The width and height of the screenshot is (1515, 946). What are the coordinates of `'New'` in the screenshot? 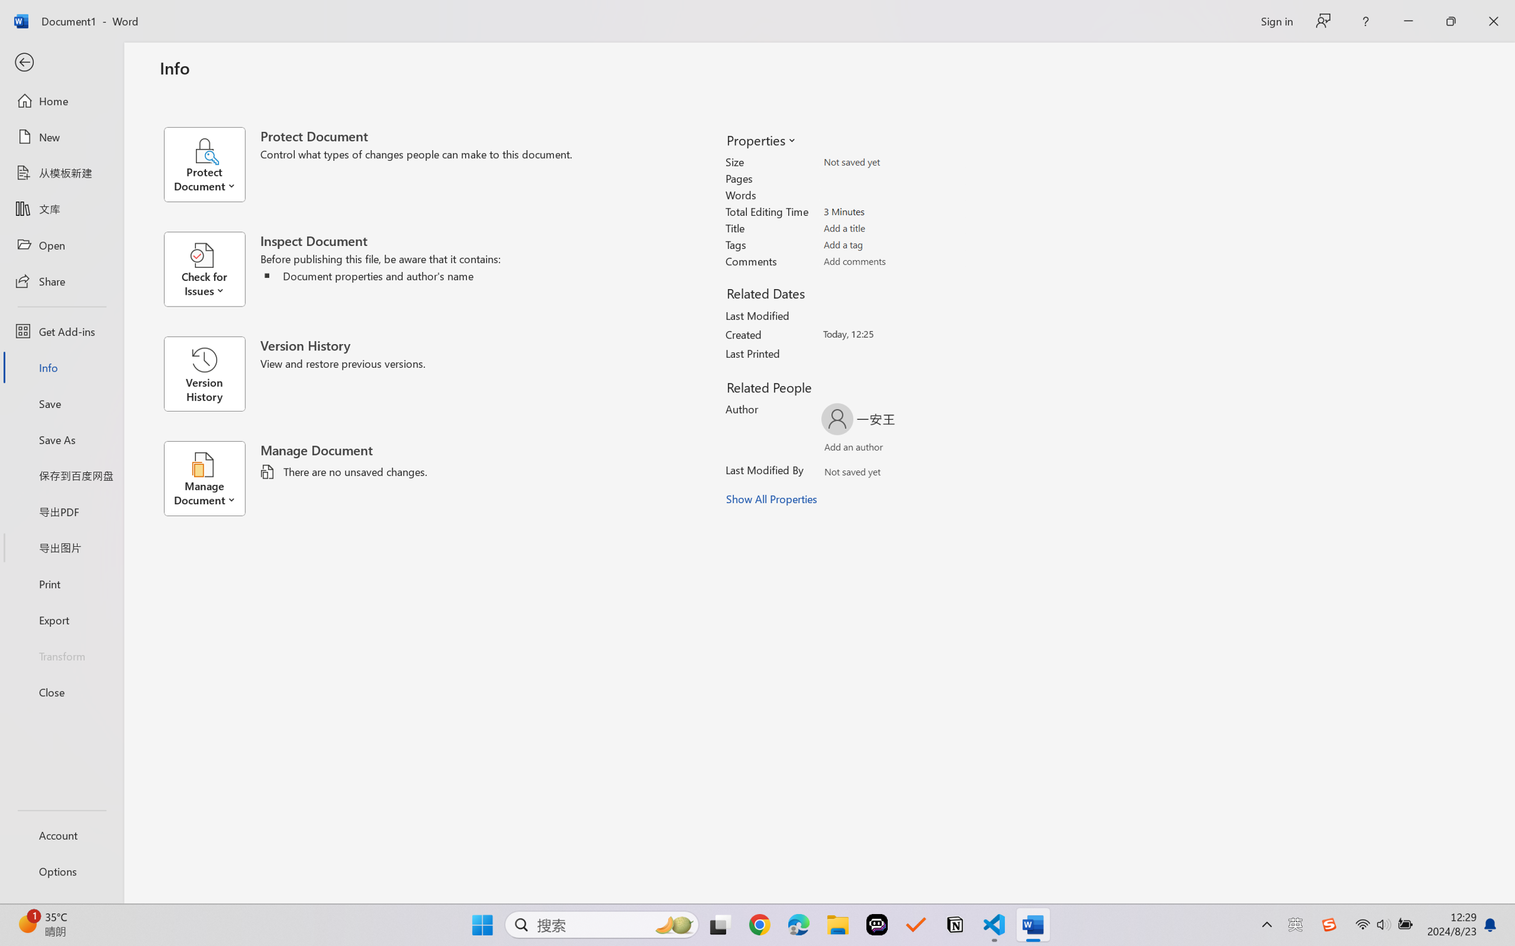 It's located at (61, 136).